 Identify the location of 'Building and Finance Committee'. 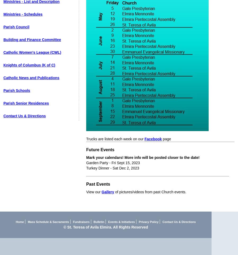
(3, 40).